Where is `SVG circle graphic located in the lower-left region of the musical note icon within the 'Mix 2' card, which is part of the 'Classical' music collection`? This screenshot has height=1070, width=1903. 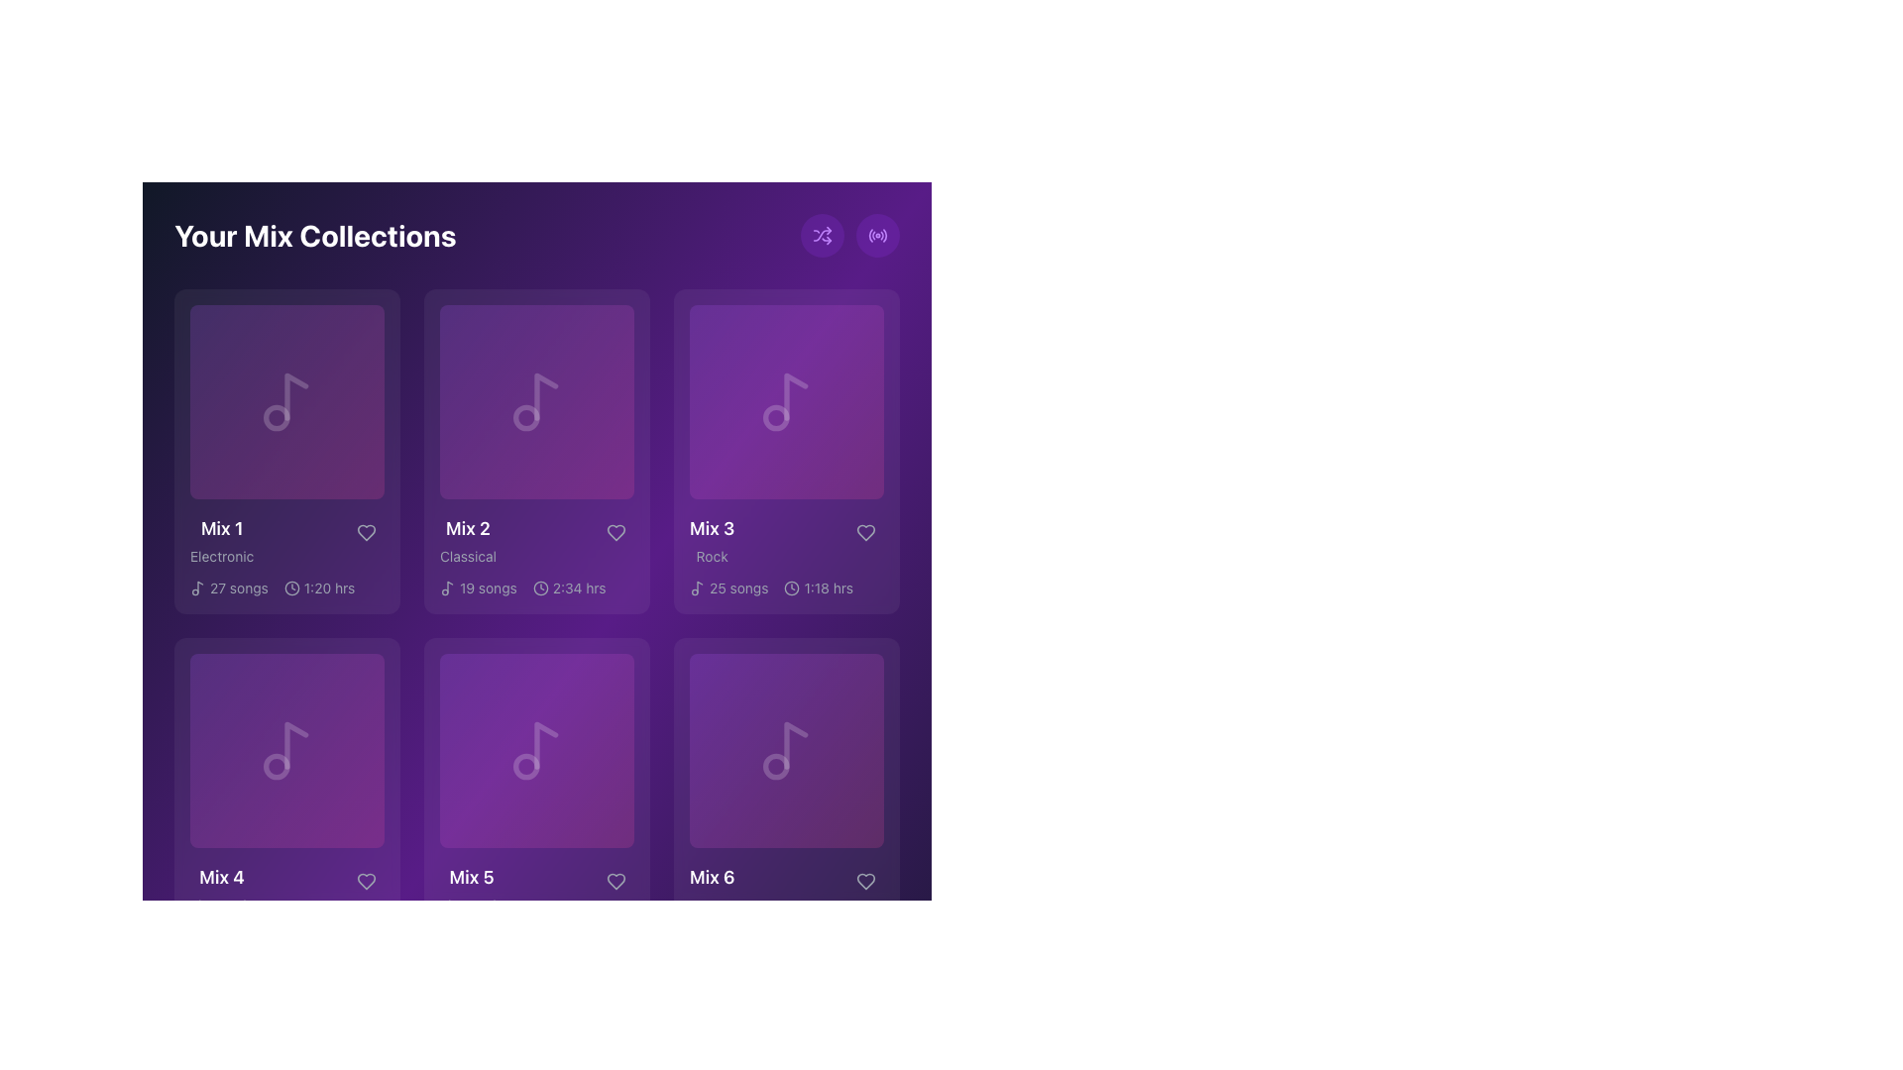 SVG circle graphic located in the lower-left region of the musical note icon within the 'Mix 2' card, which is part of the 'Classical' music collection is located at coordinates (526, 416).